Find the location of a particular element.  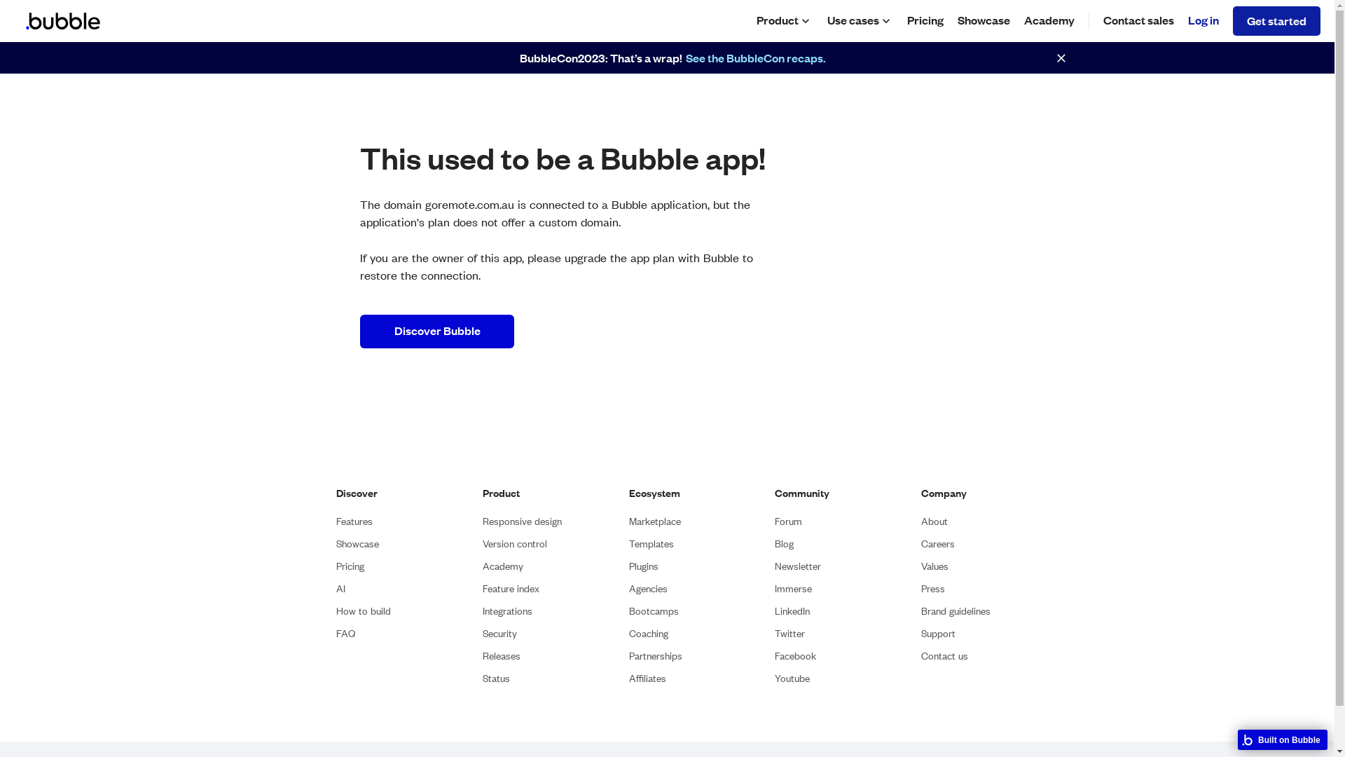

'Careers' is located at coordinates (938, 543).